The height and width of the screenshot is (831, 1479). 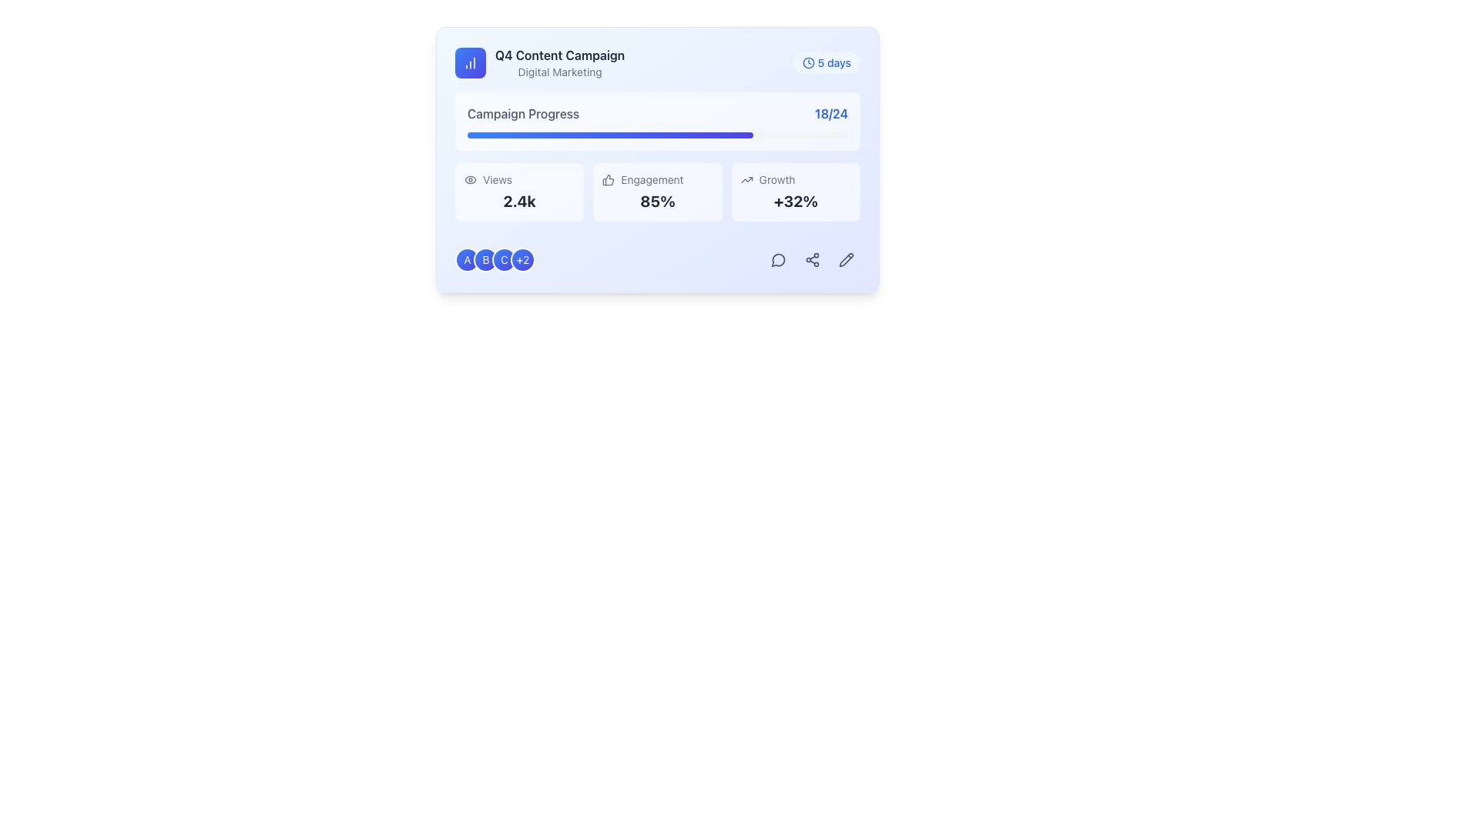 What do you see at coordinates (523, 112) in the screenshot?
I see `the text label that provides contextual information about the campaign's progress, located to the left of the '18/24' progress summary` at bounding box center [523, 112].